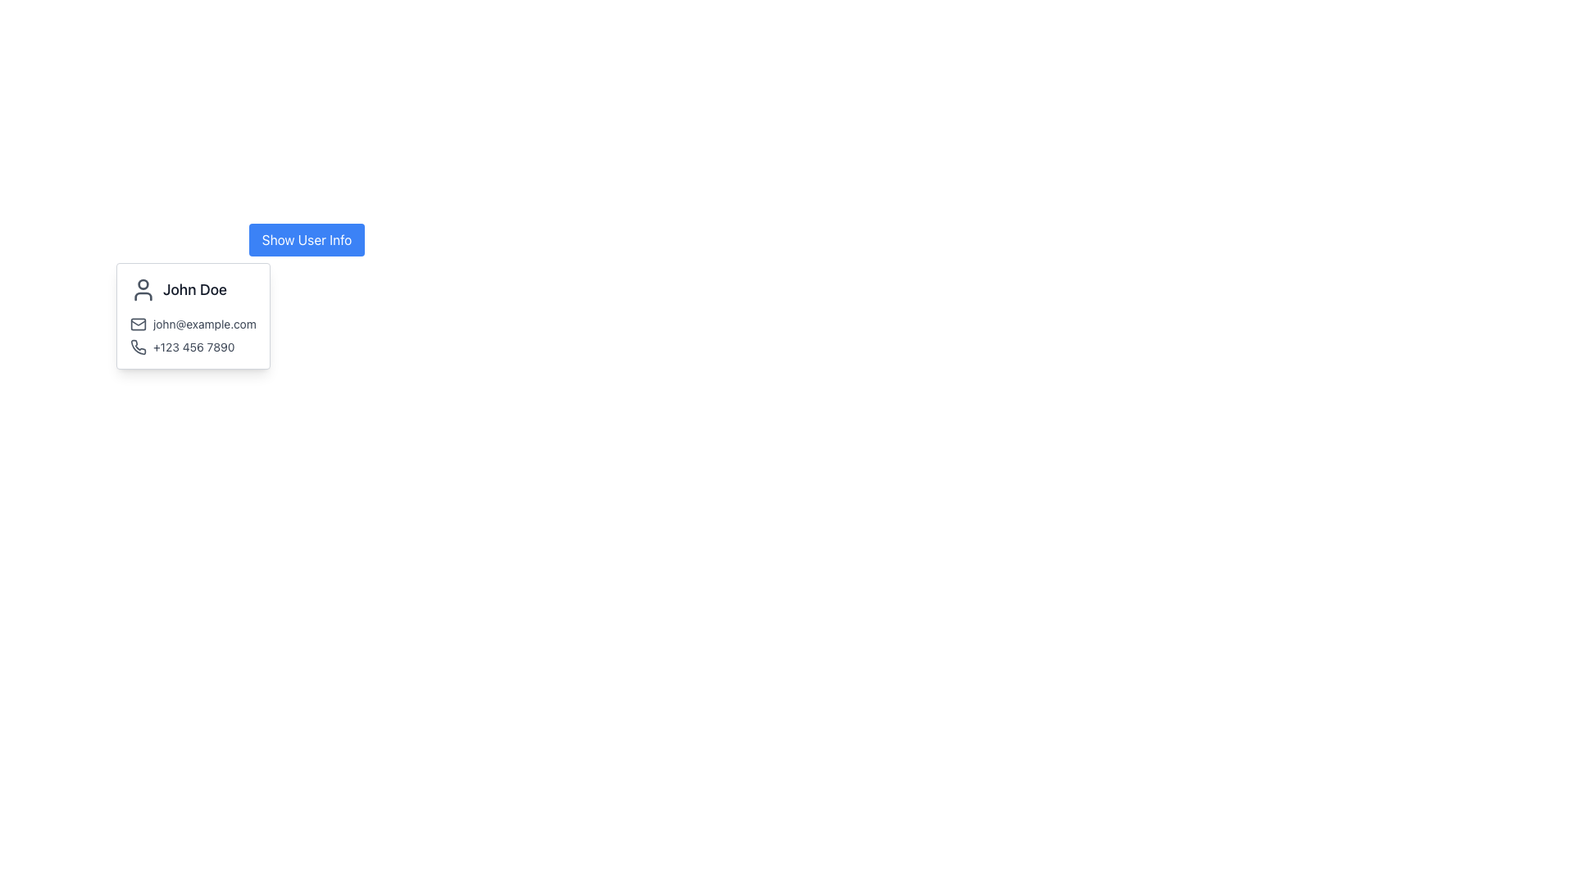 Image resolution: width=1574 pixels, height=885 pixels. I want to click on the user avatar icon, which is a graphical representation of a user profile figure with a dark gray outline, located at the top-left corner of a card component, so click(143, 289).